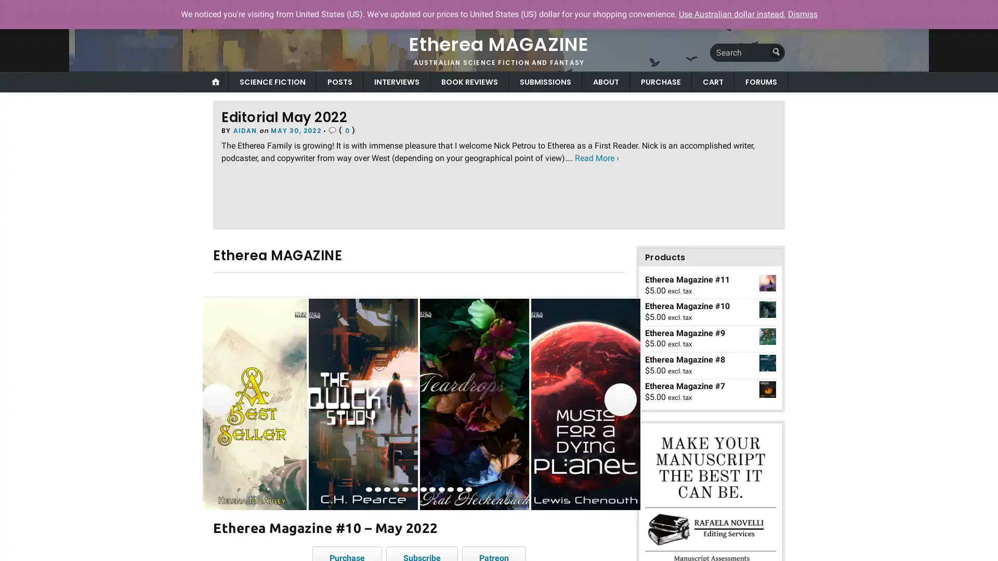  Describe the element at coordinates (404, 489) in the screenshot. I see `view image 5 of 12 in carousel` at that location.